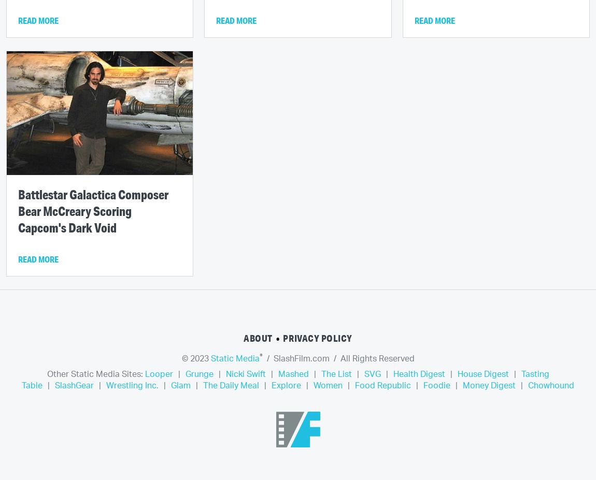  Describe the element at coordinates (286, 385) in the screenshot. I see `'Explore'` at that location.